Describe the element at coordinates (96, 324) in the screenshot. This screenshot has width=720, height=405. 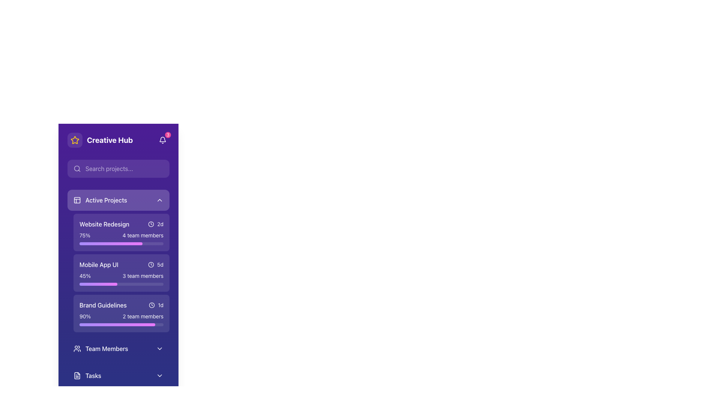
I see `the progress bar` at that location.